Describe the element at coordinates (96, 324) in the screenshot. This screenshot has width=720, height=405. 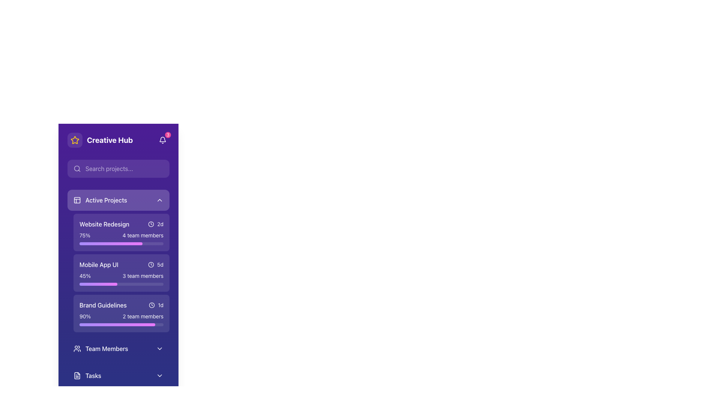
I see `the progress bar` at that location.